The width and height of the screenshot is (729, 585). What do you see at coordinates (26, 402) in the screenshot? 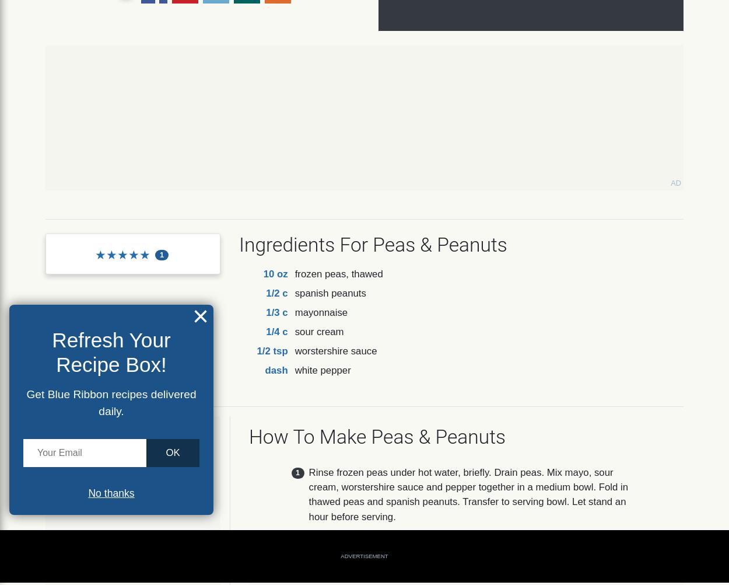
I see `'Get Blue Ribbon recipes delivered daily.'` at bounding box center [26, 402].